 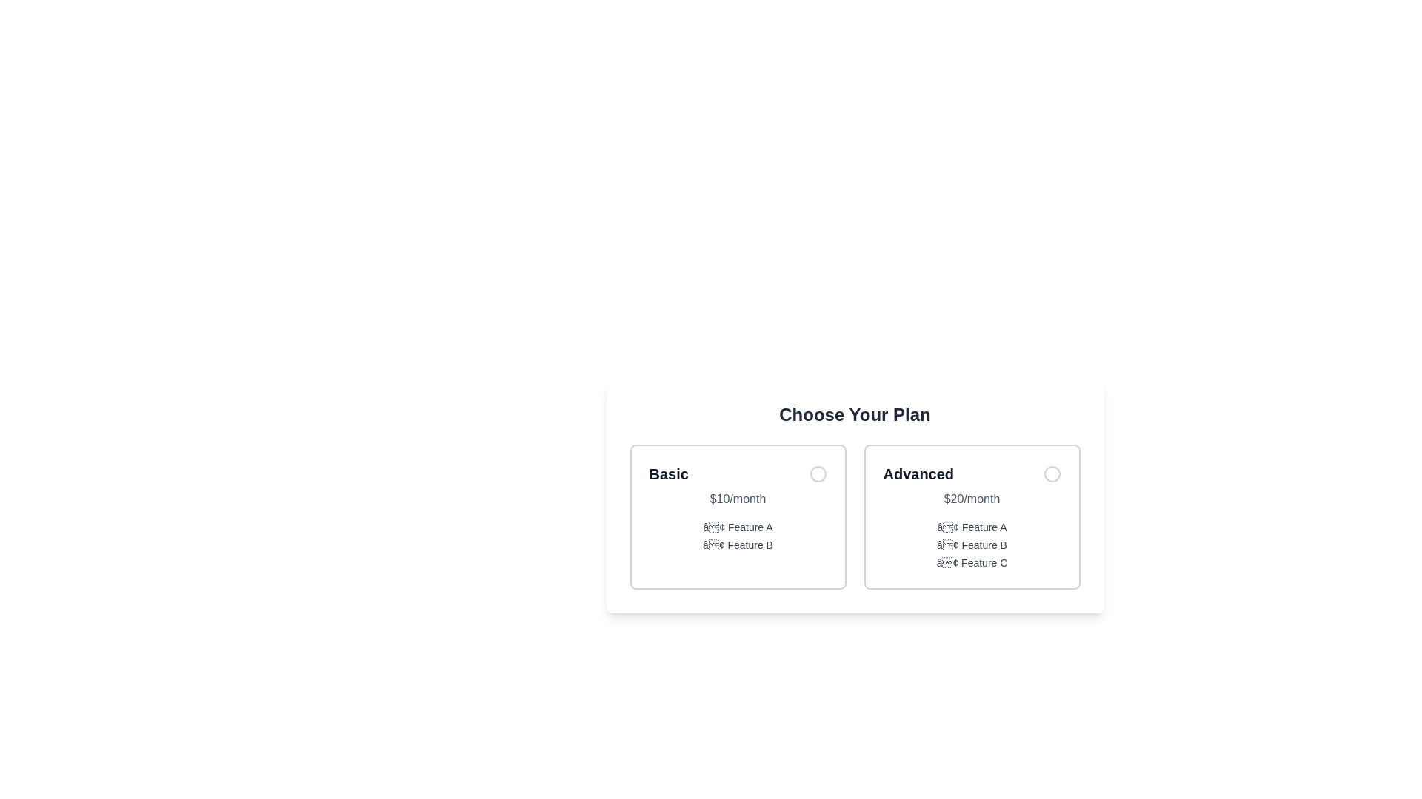 I want to click on descriptive text label indicating a feature of the 'Basic' plan, which is located as the second feature on the left side of the layout, so click(x=738, y=545).